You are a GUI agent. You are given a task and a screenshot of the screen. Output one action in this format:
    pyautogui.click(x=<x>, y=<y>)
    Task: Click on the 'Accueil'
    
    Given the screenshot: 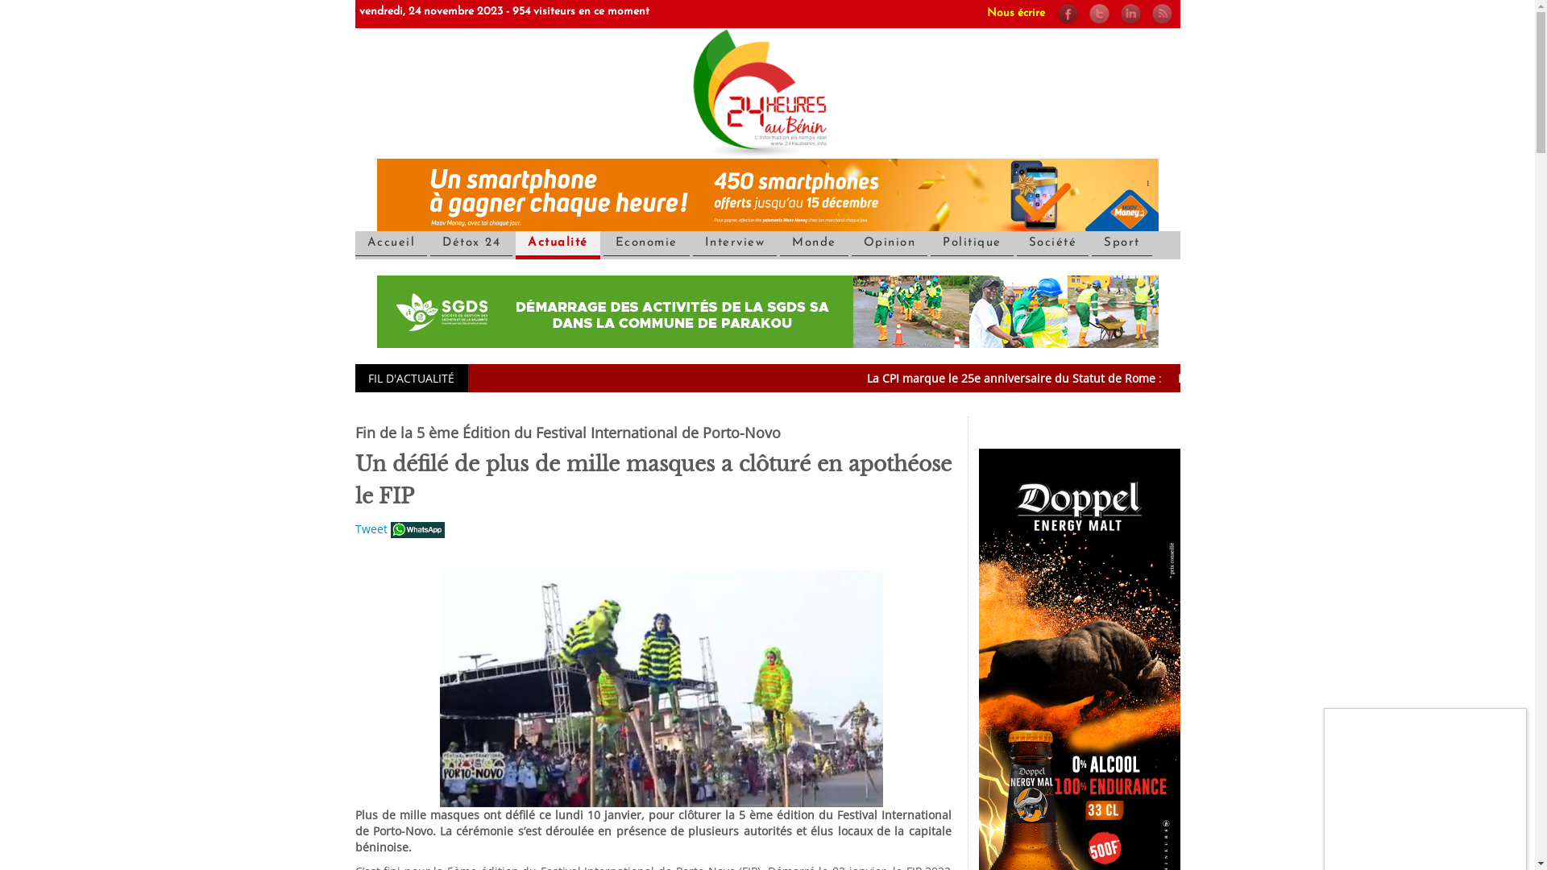 What is the action you would take?
    pyautogui.click(x=765, y=92)
    